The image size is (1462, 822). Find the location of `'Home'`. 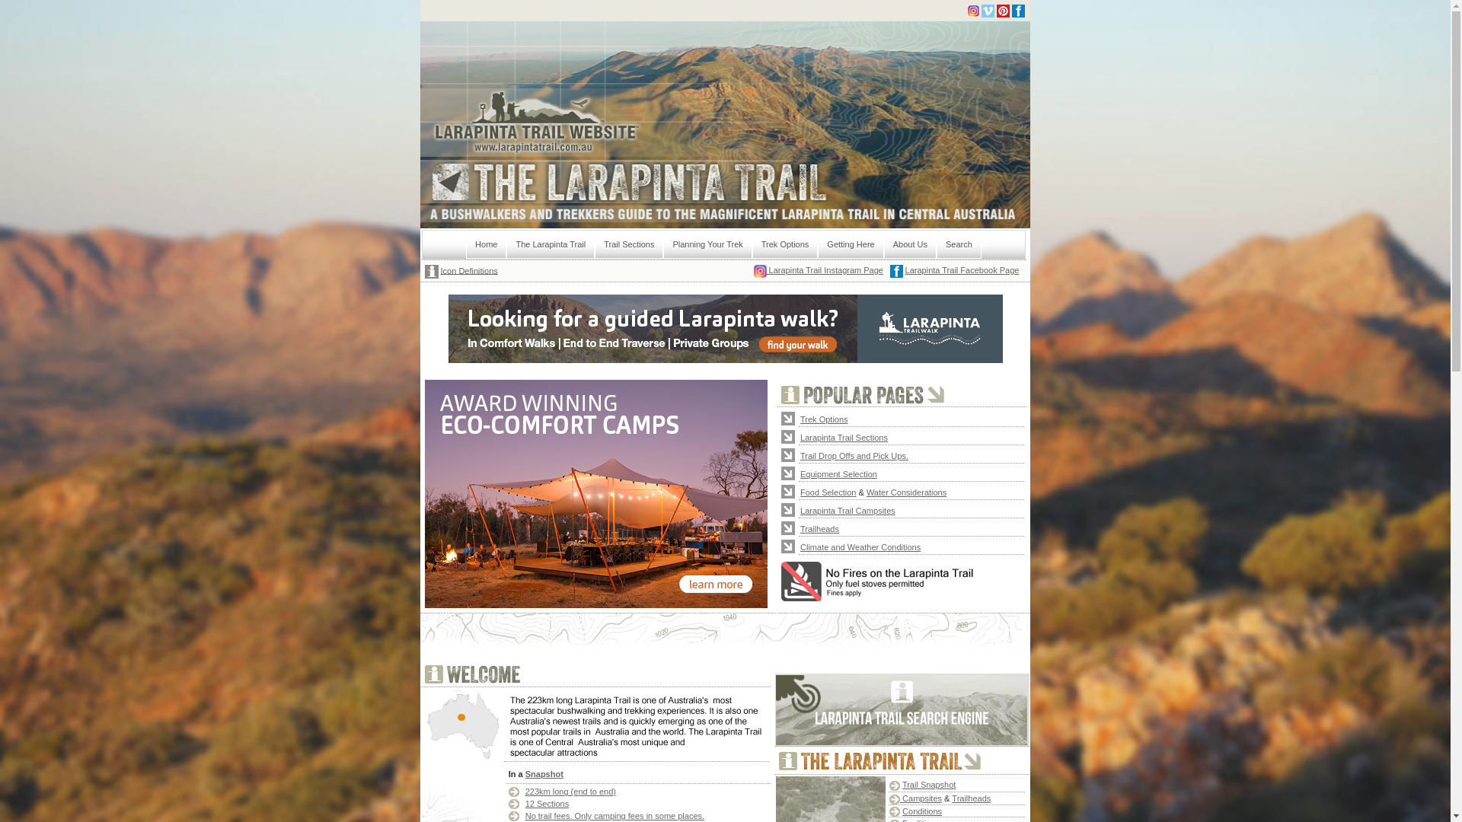

'Home' is located at coordinates (464, 244).